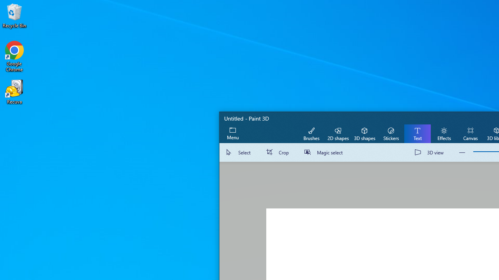  Describe the element at coordinates (417, 133) in the screenshot. I see `'Text'` at that location.